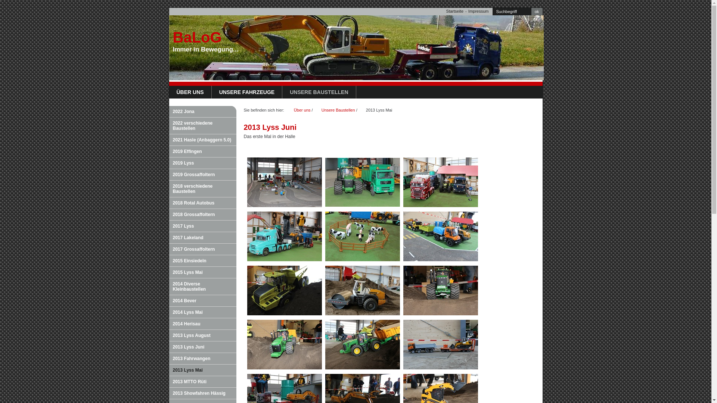 The image size is (717, 403). Describe the element at coordinates (202, 203) in the screenshot. I see `'2018 Rotal Autobus'` at that location.